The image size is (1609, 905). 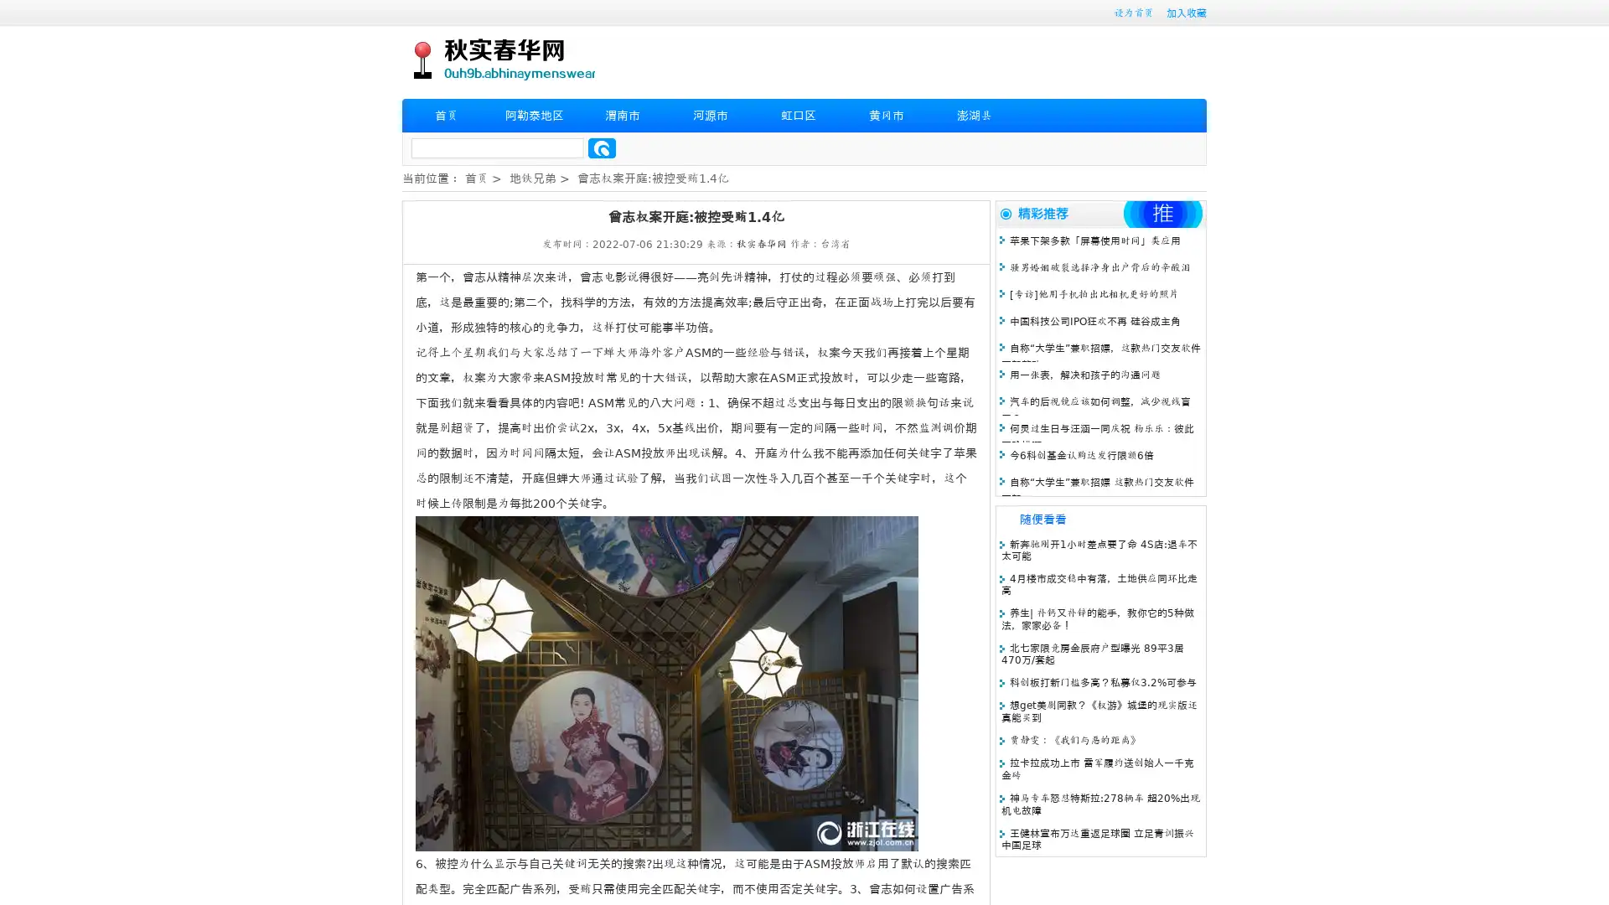 I want to click on Search, so click(x=602, y=147).